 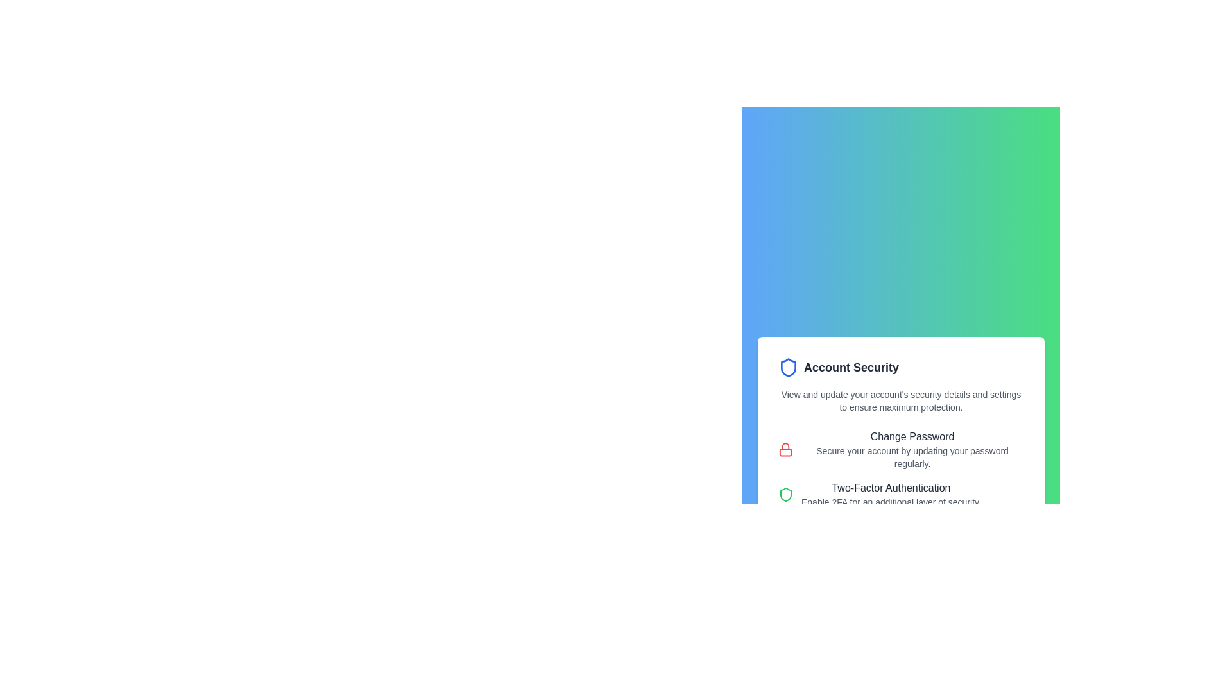 What do you see at coordinates (785, 494) in the screenshot?
I see `the green shield icon with rounded corners and a hollow design located in the 'Two-Factor Authentication' section` at bounding box center [785, 494].